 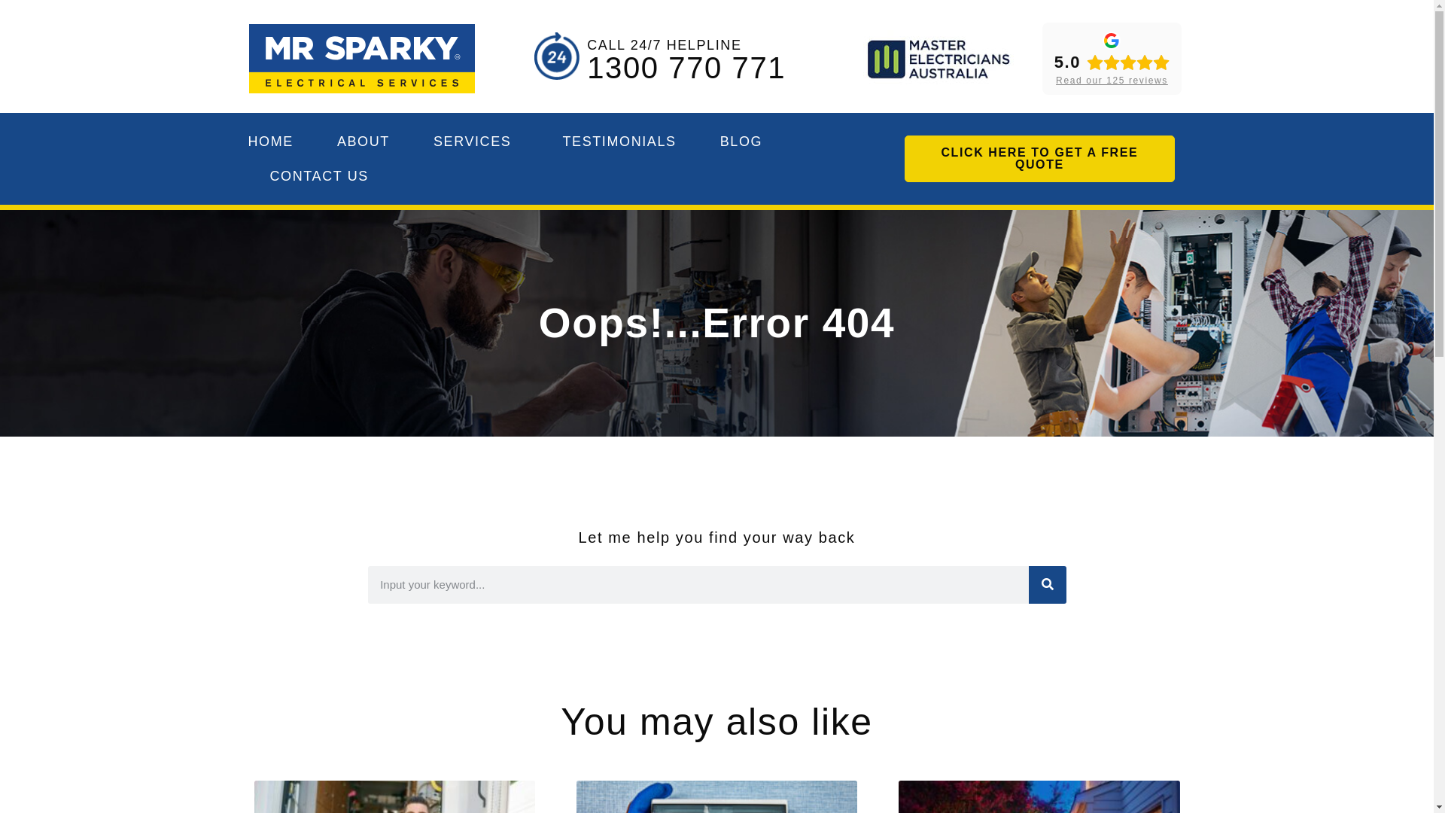 I want to click on 'SERVICES', so click(x=476, y=142).